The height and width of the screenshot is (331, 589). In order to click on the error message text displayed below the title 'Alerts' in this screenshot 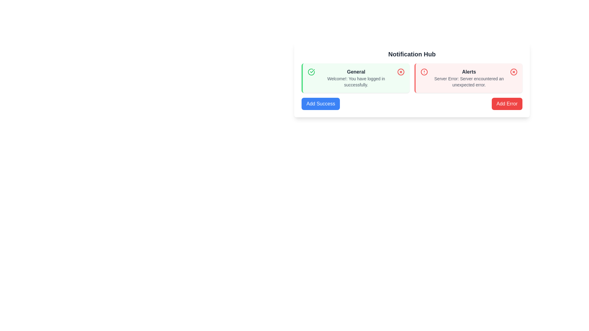, I will do `click(469, 81)`.